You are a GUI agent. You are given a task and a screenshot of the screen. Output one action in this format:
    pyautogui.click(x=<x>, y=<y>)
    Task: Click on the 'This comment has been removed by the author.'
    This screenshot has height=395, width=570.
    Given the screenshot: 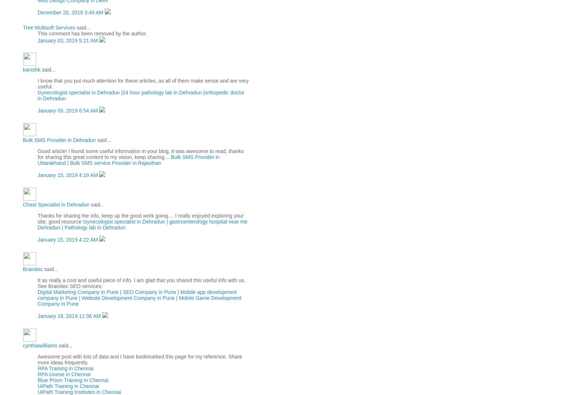 What is the action you would take?
    pyautogui.click(x=92, y=33)
    